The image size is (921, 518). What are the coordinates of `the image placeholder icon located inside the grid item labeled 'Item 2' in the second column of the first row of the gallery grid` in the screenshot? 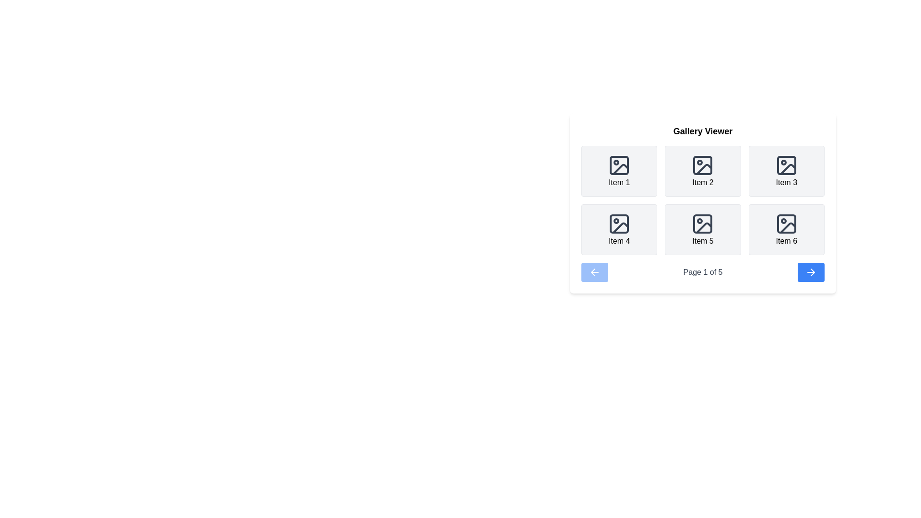 It's located at (703, 165).